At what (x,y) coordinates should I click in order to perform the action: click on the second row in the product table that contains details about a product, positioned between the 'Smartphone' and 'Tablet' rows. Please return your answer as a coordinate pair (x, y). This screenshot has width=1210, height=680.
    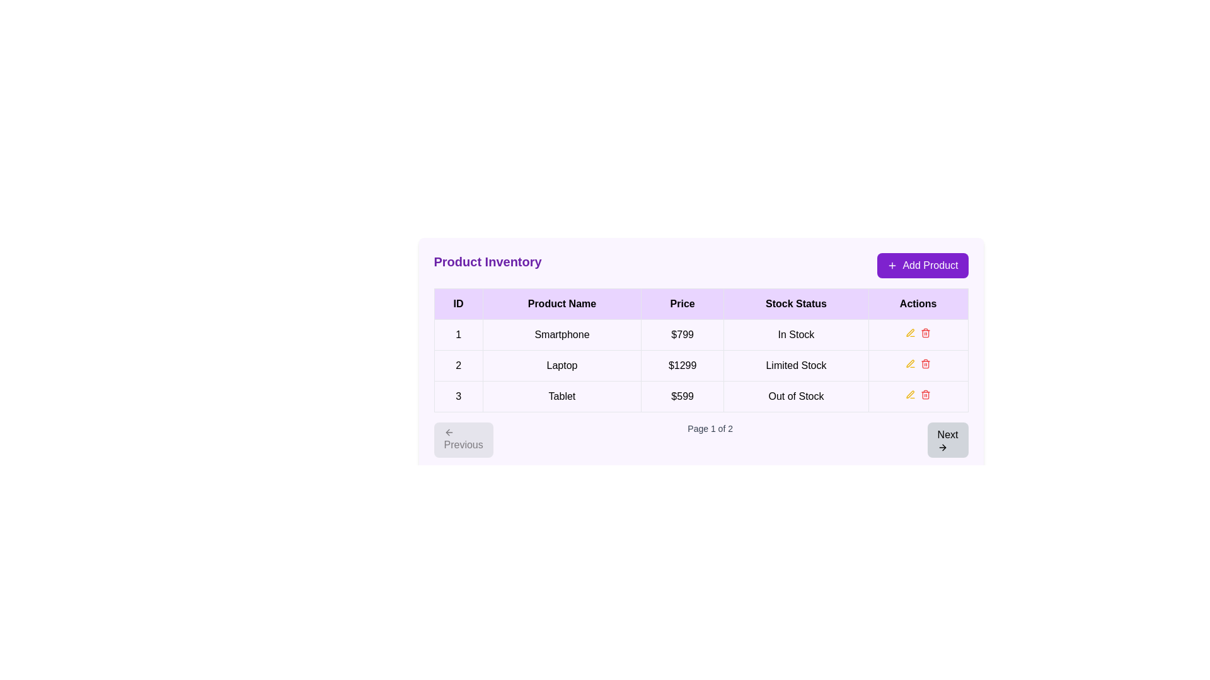
    Looking at the image, I should click on (700, 366).